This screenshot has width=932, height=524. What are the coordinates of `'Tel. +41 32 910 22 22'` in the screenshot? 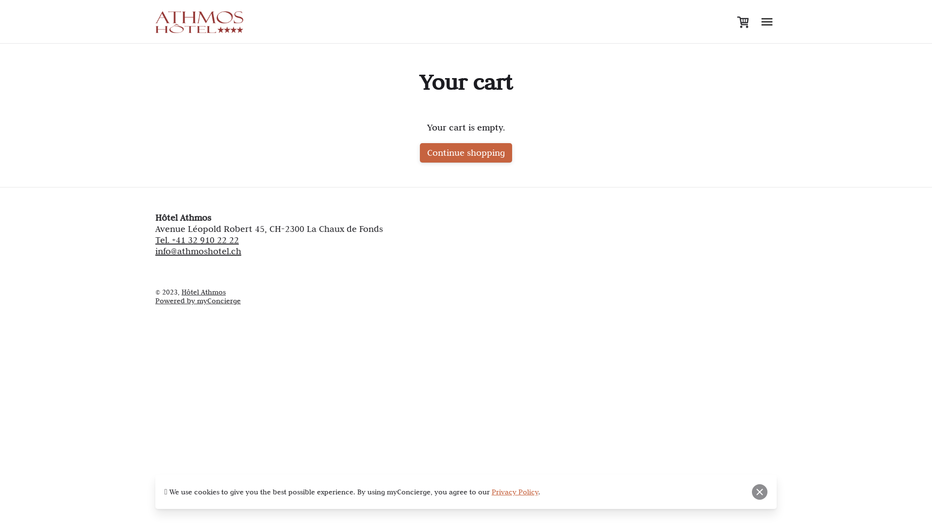 It's located at (197, 240).